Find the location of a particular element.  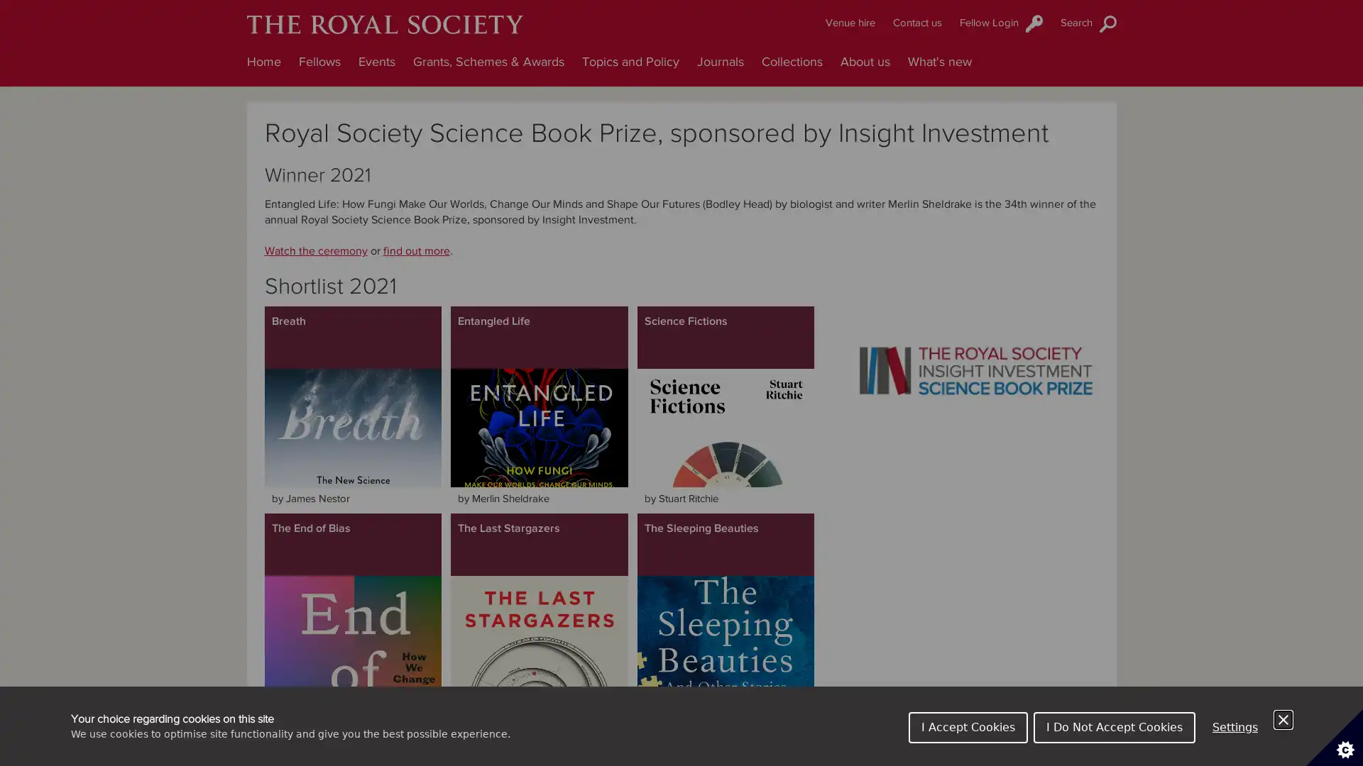

Close Cookie Control is located at coordinates (1283, 719).